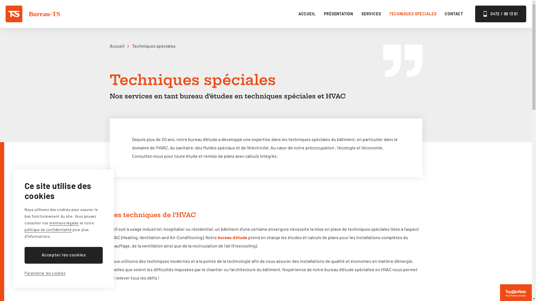 The width and height of the screenshot is (536, 301). I want to click on 'CONTACT', so click(444, 14).